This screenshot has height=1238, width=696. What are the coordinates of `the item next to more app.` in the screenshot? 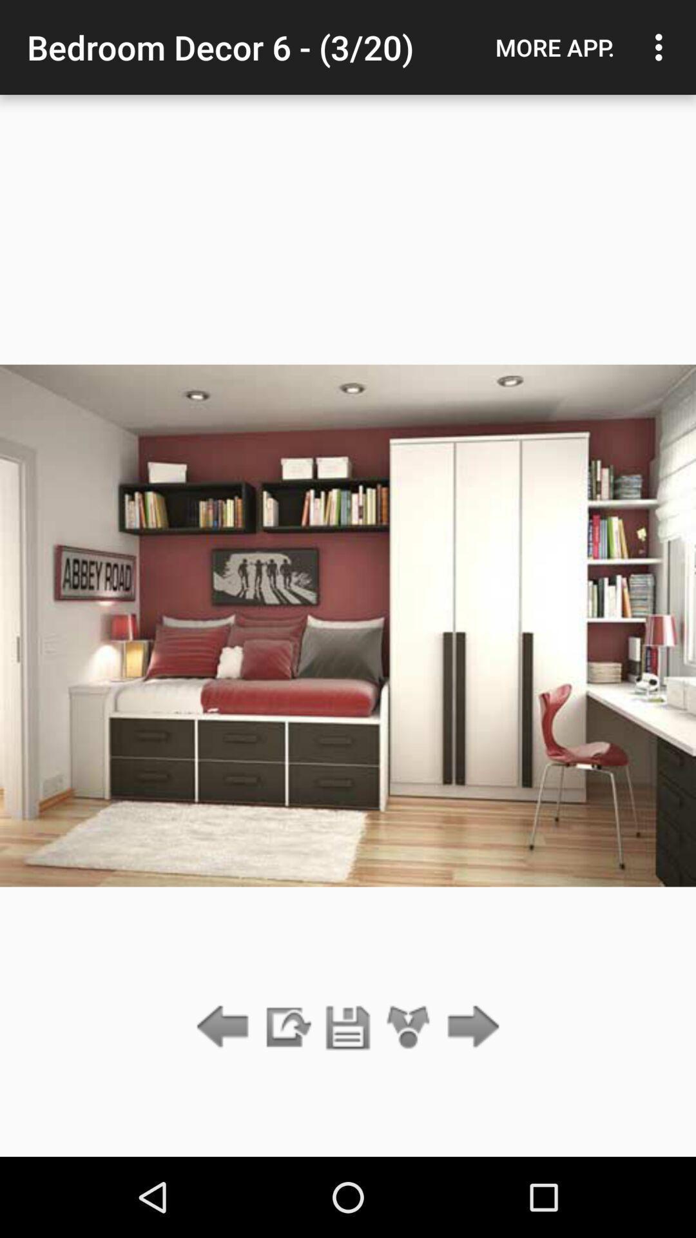 It's located at (662, 47).